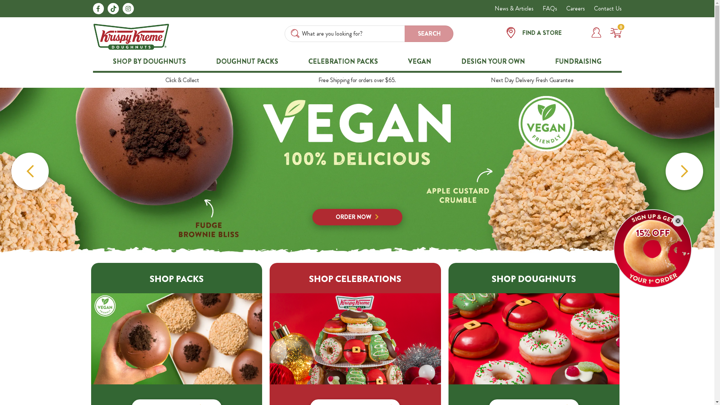 This screenshot has height=405, width=720. Describe the element at coordinates (494, 9) in the screenshot. I see `'News & Articles'` at that location.